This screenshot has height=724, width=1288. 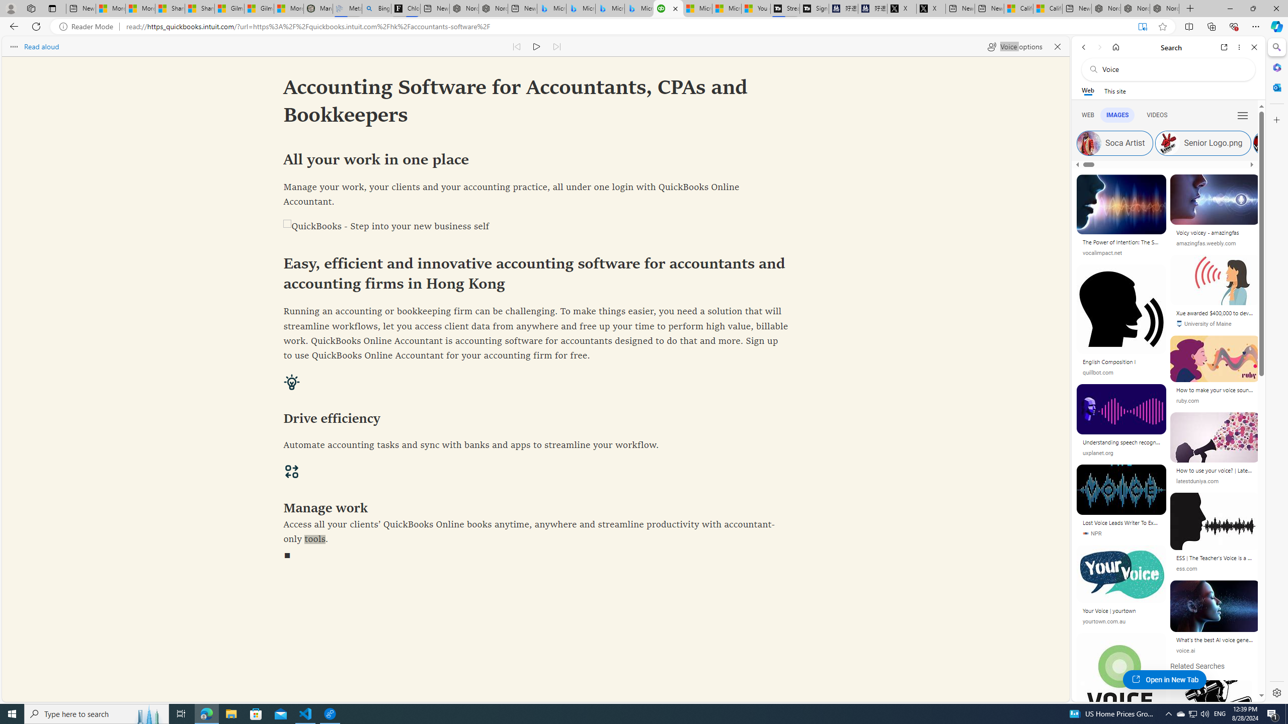 I want to click on 'Nordace - Siena Pro 15 Essential Set', so click(x=1164, y=8).